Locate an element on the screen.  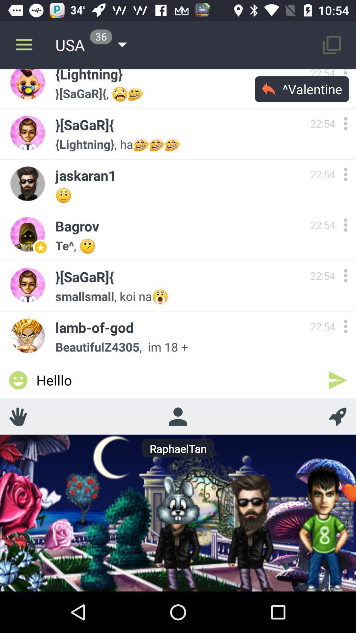
profiles is located at coordinates (177, 416).